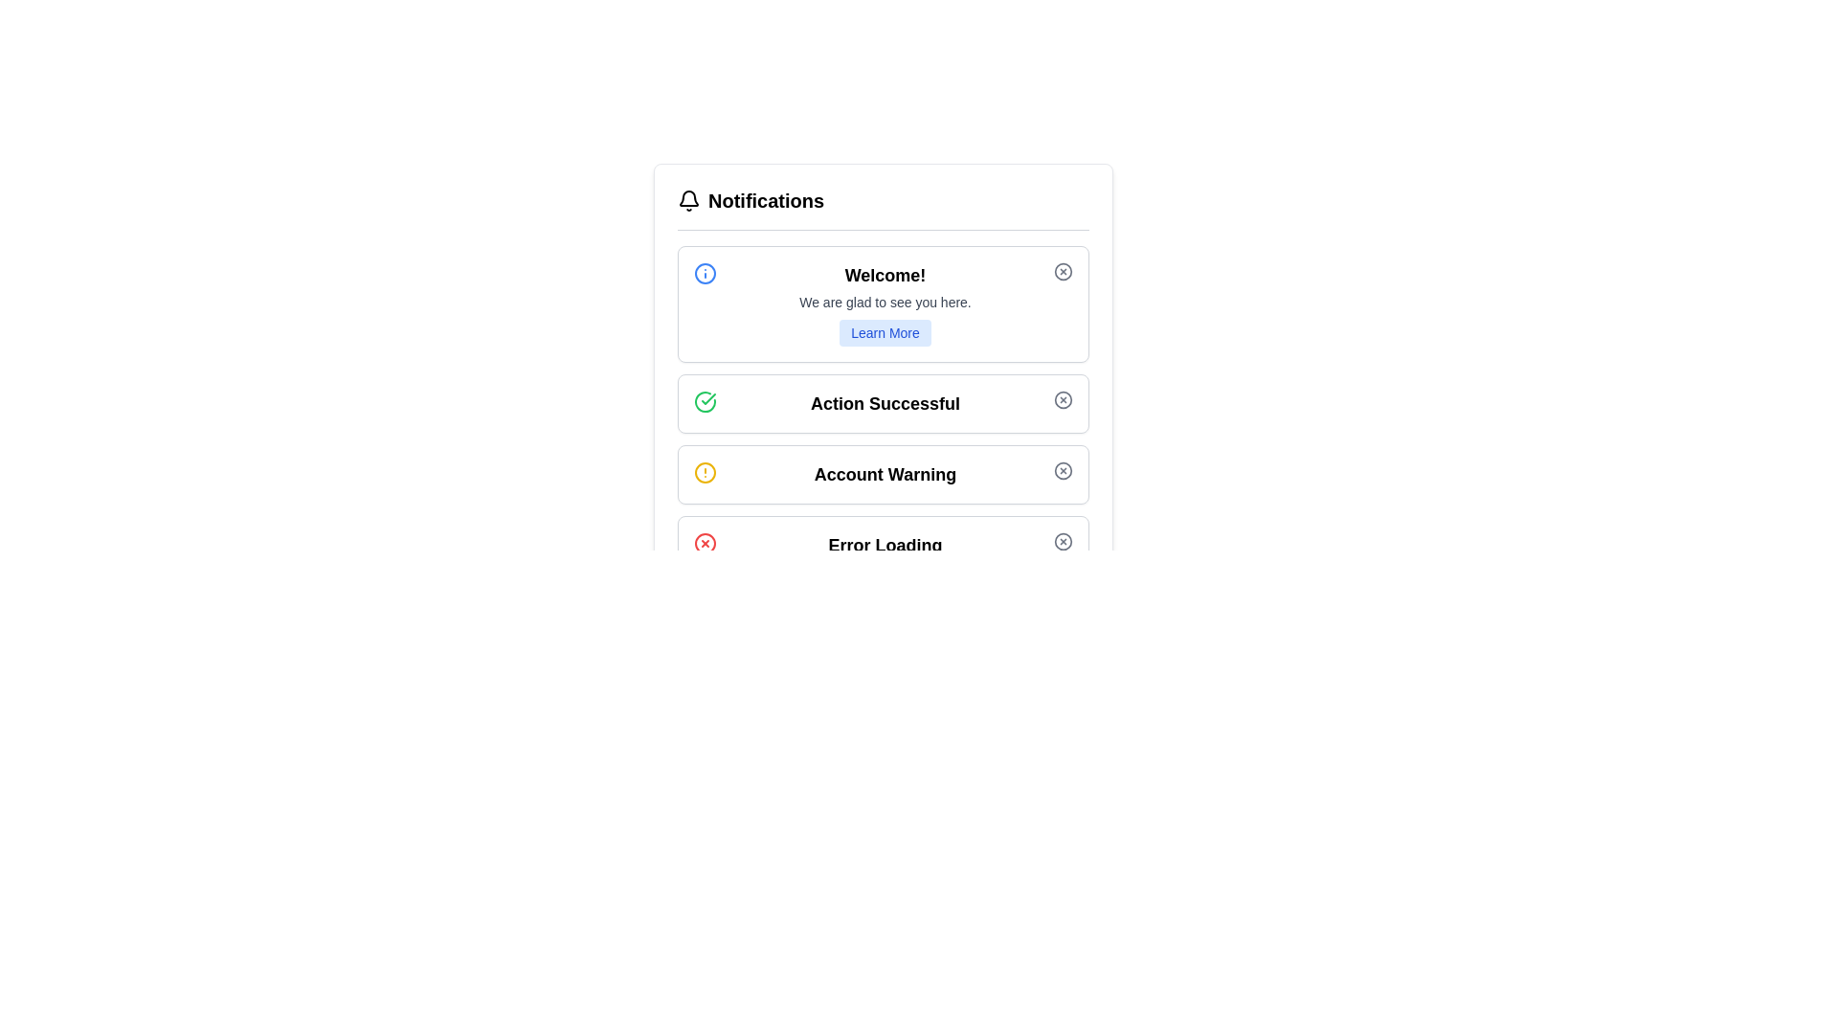 The height and width of the screenshot is (1034, 1838). Describe the element at coordinates (1062, 272) in the screenshot. I see `the circular SVG element with no fill and a stroke, located in the top-right corner of the 'Welcome!' notification card` at that location.